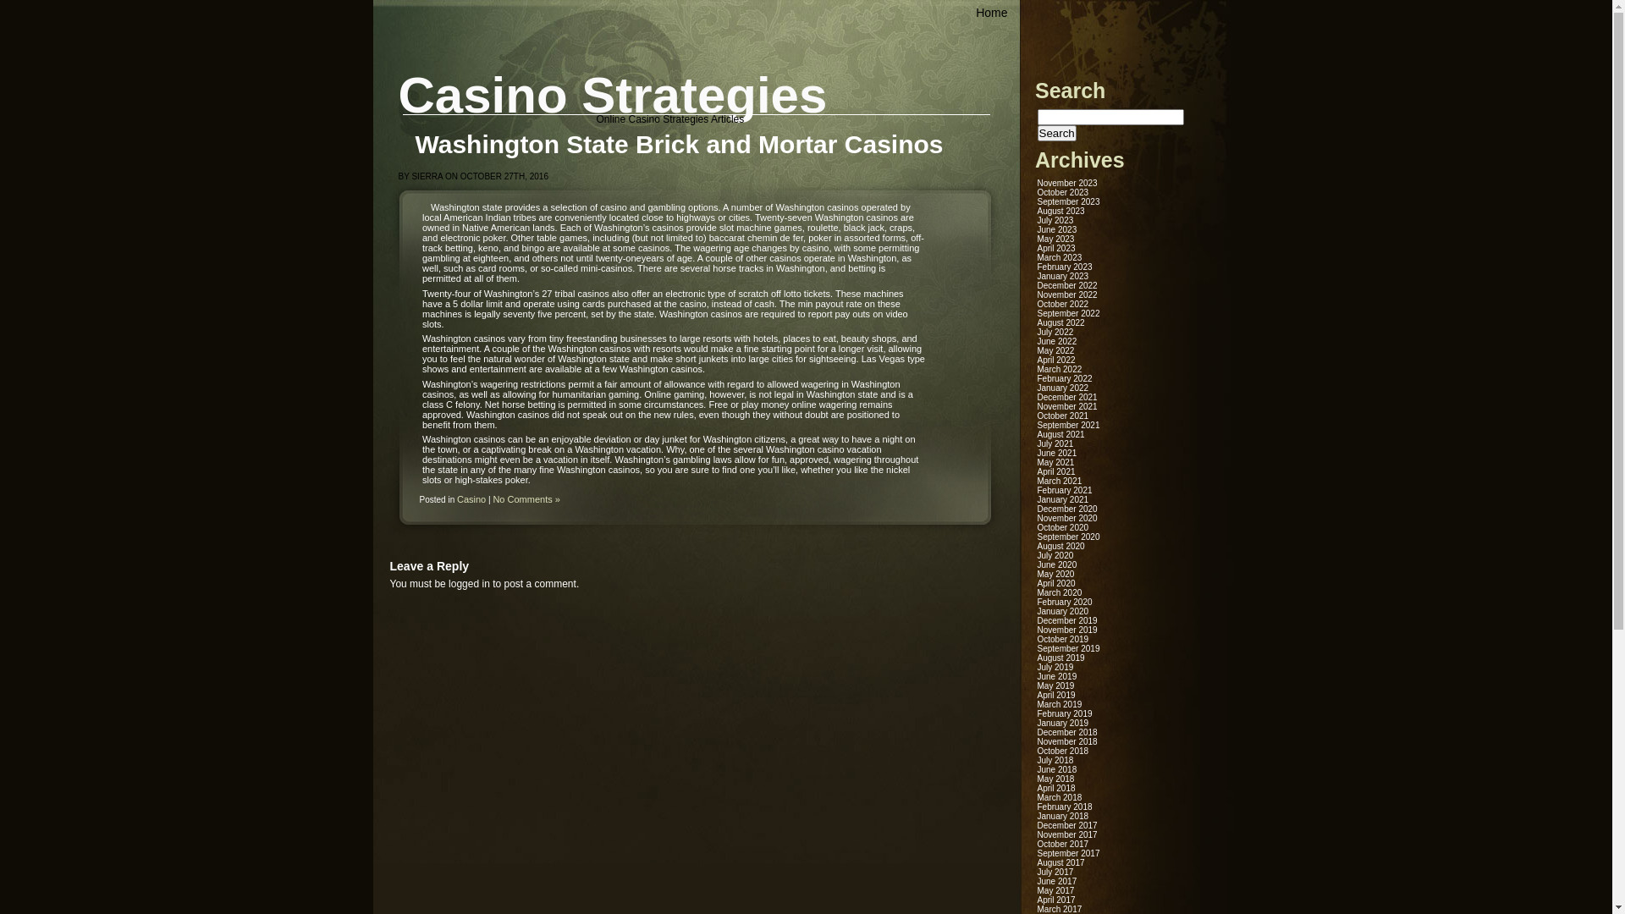 The height and width of the screenshot is (914, 1625). What do you see at coordinates (1062, 723) in the screenshot?
I see `'January 2019'` at bounding box center [1062, 723].